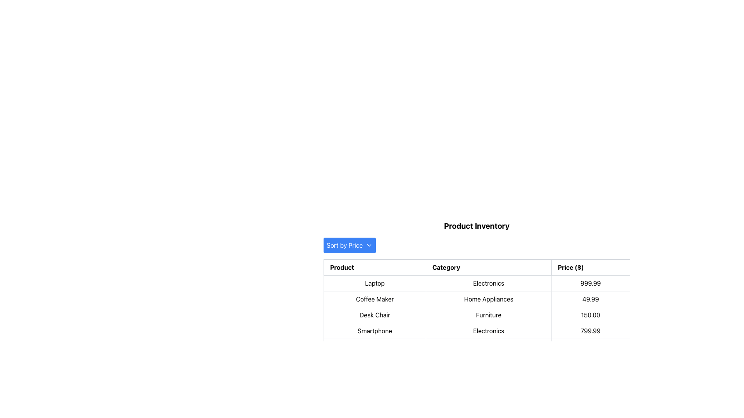 The height and width of the screenshot is (418, 744). Describe the element at coordinates (488, 315) in the screenshot. I see `text from the 'Furniture' label located in the second cell of the third row under the 'Category' column in the table` at that location.